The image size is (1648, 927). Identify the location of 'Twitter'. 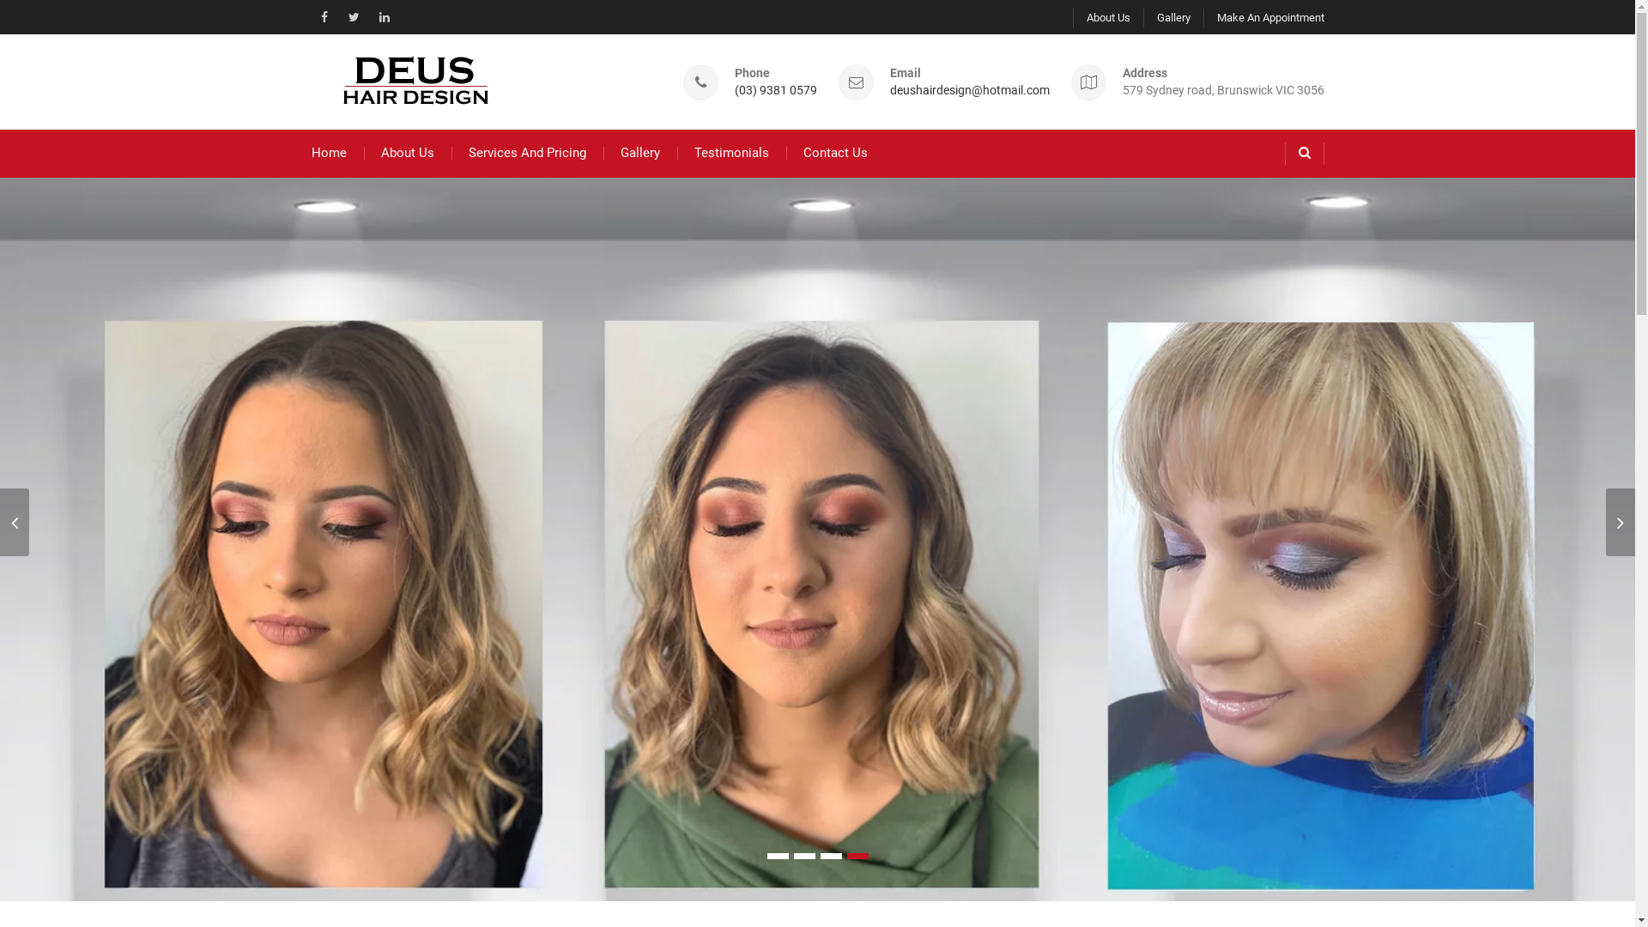
(353, 16).